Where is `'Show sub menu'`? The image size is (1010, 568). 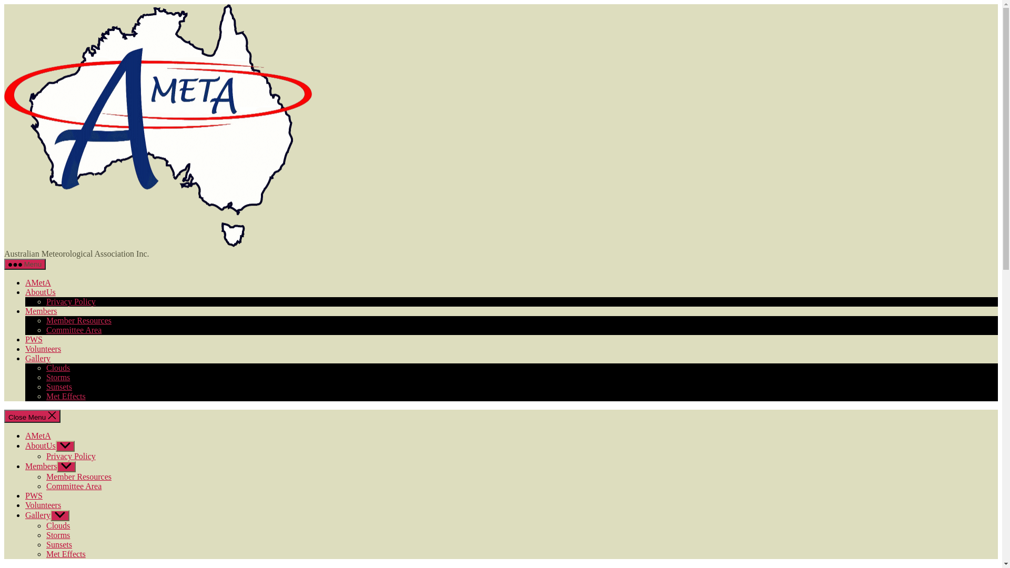
'Show sub menu' is located at coordinates (65, 446).